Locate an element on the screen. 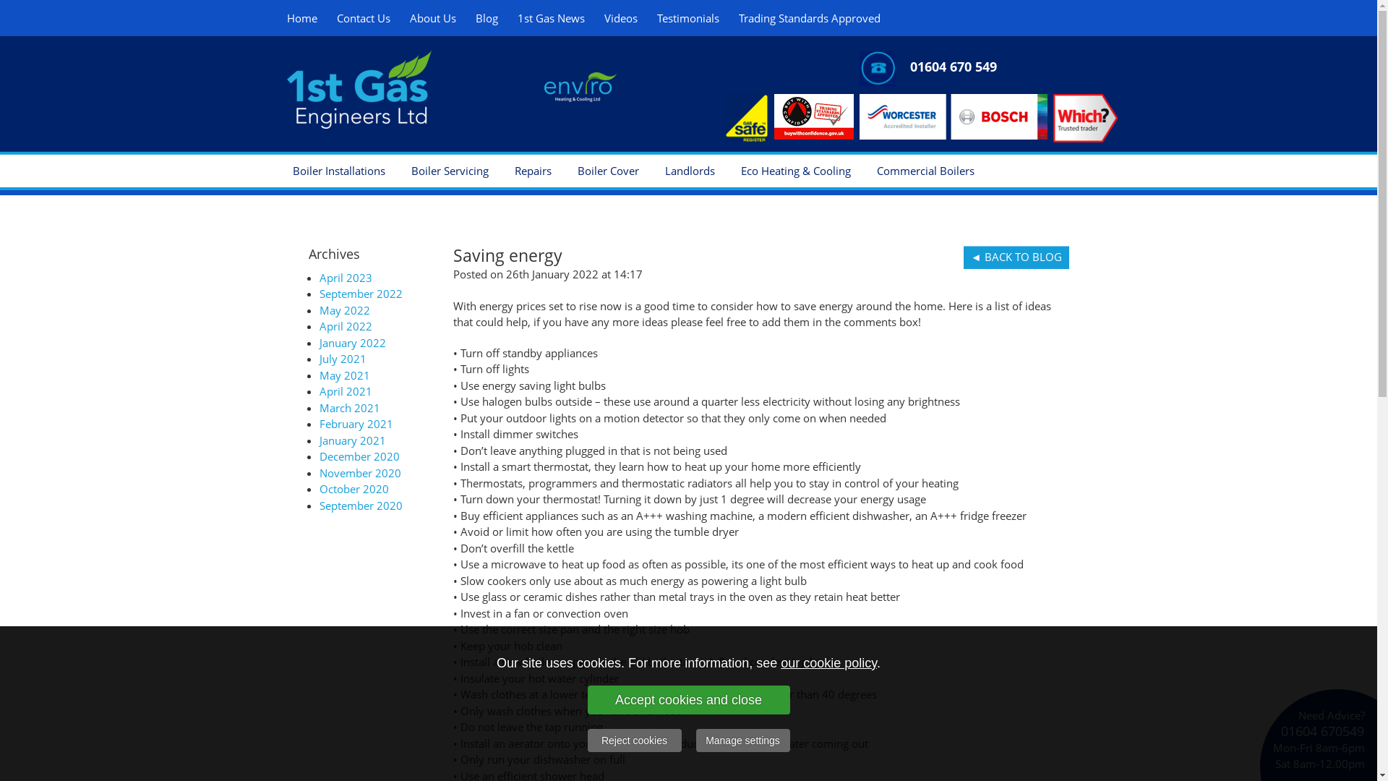 This screenshot has width=1388, height=781. 'Videos' is located at coordinates (621, 17).